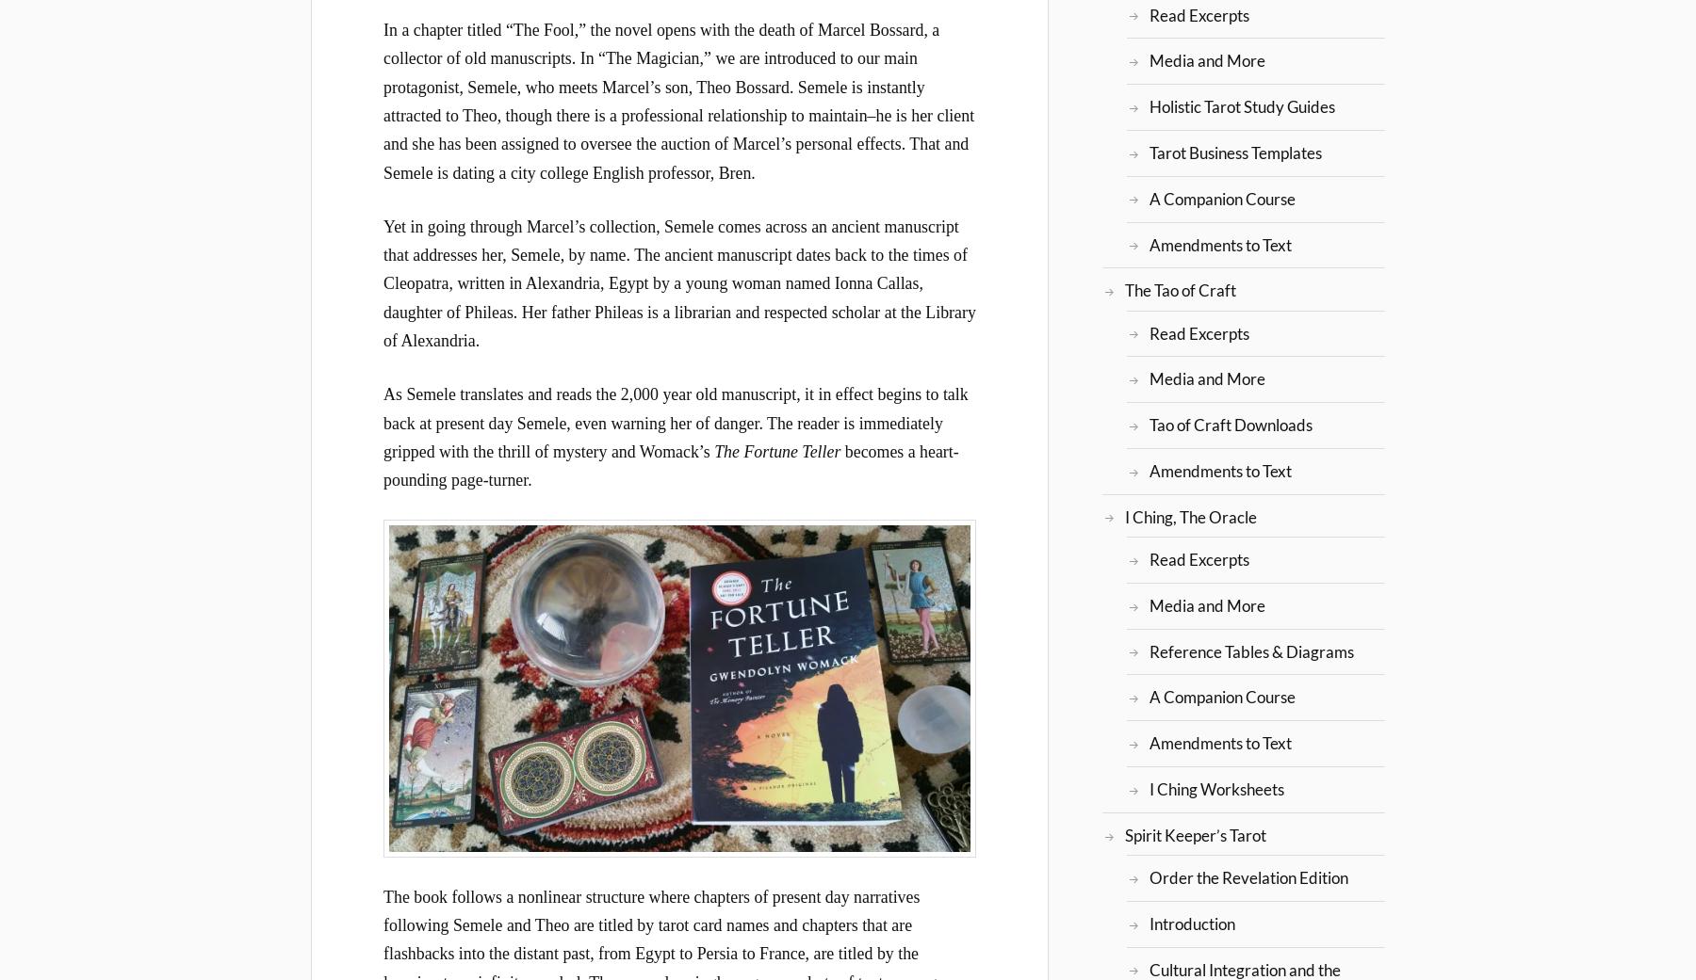  I want to click on 'Spirit Keeper’s Tarot', so click(1196, 833).